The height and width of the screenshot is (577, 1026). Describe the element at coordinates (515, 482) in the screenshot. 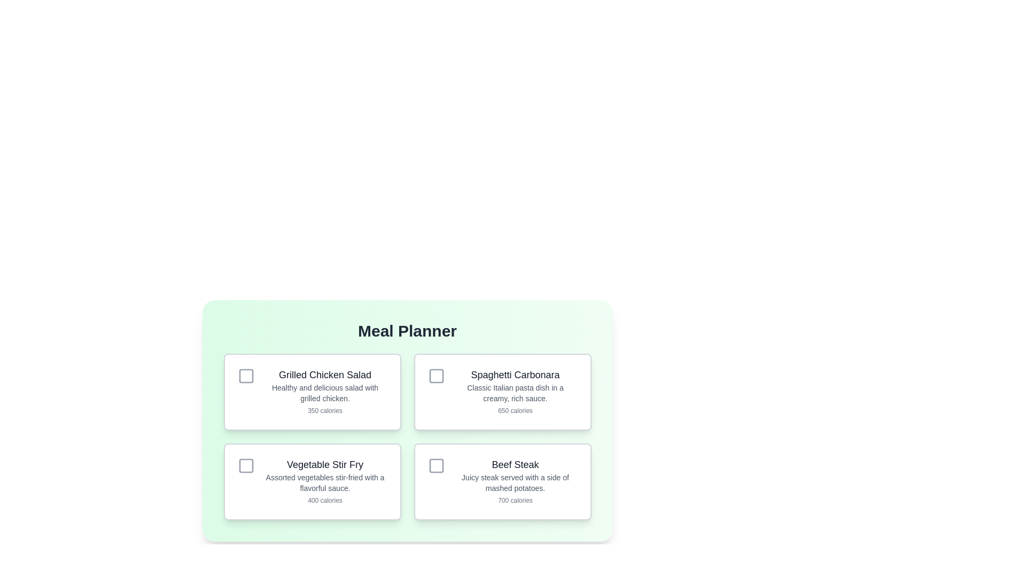

I see `the 'Beef Steak' text display card located in the bottom-right of a 2x2 grid layout, specifically the fourth card in the second row and second column` at that location.